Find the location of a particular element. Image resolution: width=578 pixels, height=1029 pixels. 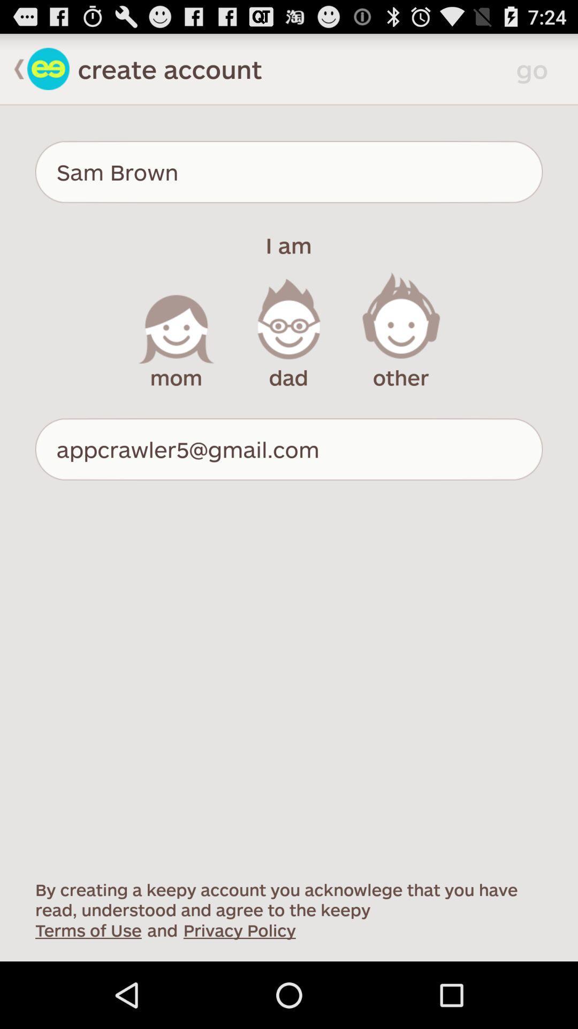

the first text field is located at coordinates (289, 172).